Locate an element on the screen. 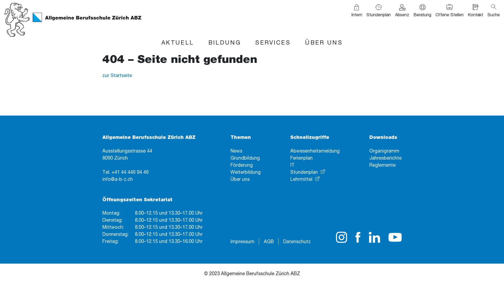 This screenshot has width=504, height=283. 'Jahresberichte' is located at coordinates (385, 157).